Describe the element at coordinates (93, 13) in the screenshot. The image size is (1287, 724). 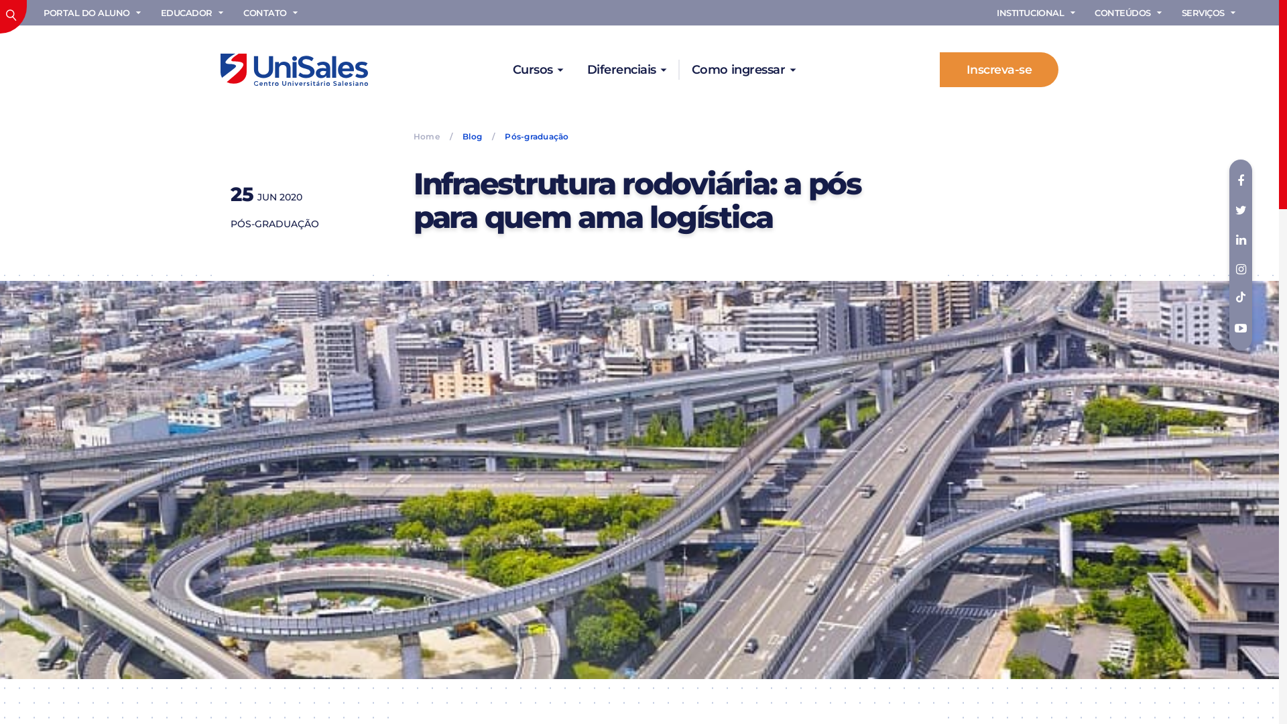
I see `'PORTAL DO ALUNO'` at that location.